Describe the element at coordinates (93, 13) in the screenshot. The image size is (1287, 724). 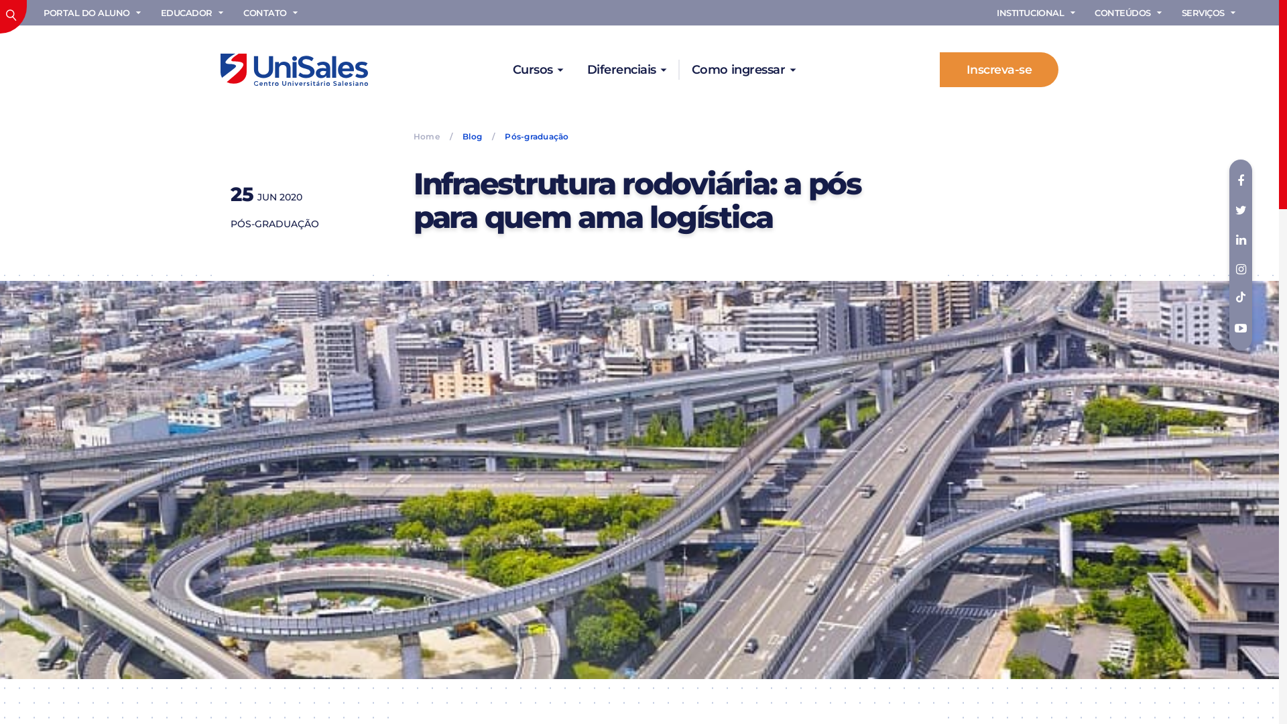
I see `'PORTAL DO ALUNO'` at that location.